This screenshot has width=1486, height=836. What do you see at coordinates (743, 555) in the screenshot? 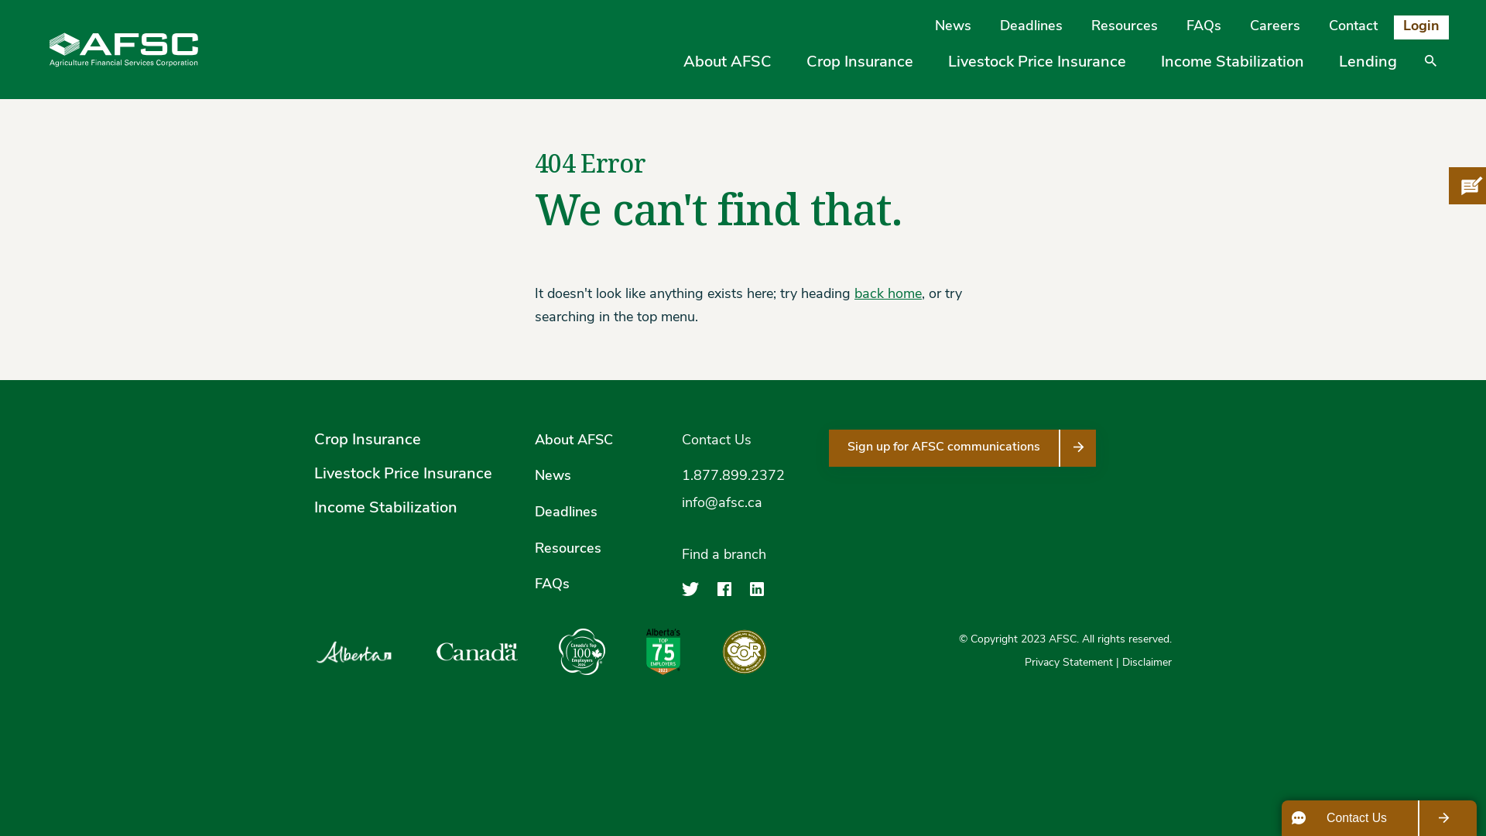
I see `'Find a branch'` at bounding box center [743, 555].